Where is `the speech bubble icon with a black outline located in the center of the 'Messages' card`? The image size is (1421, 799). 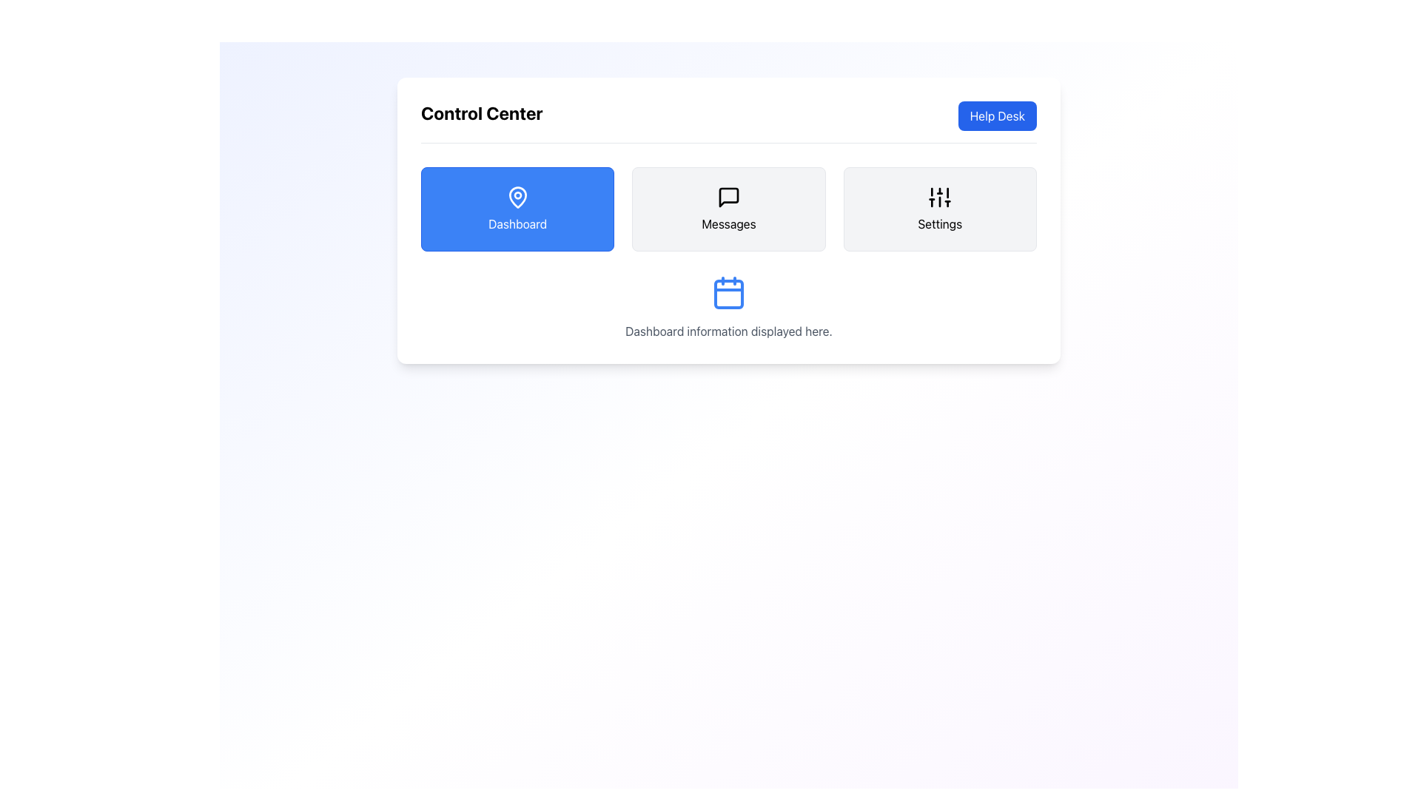 the speech bubble icon with a black outline located in the center of the 'Messages' card is located at coordinates (728, 196).